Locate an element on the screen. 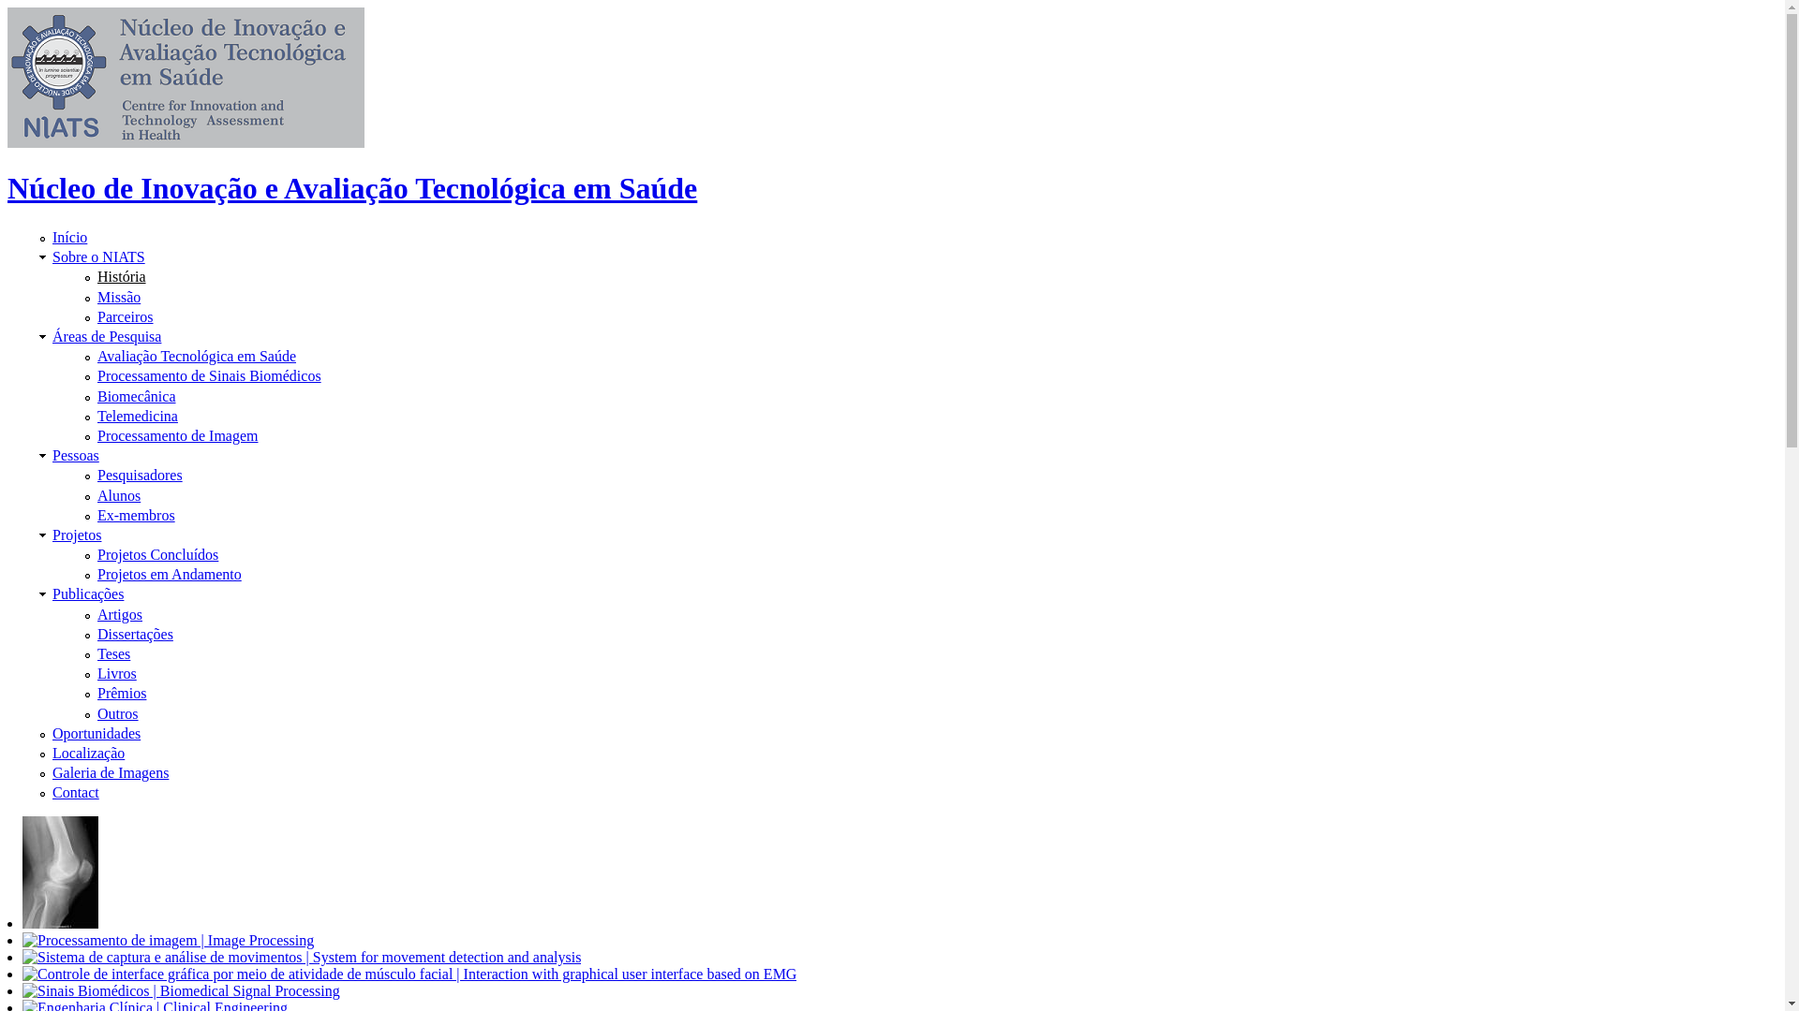  'Ex-membros' is located at coordinates (135, 515).